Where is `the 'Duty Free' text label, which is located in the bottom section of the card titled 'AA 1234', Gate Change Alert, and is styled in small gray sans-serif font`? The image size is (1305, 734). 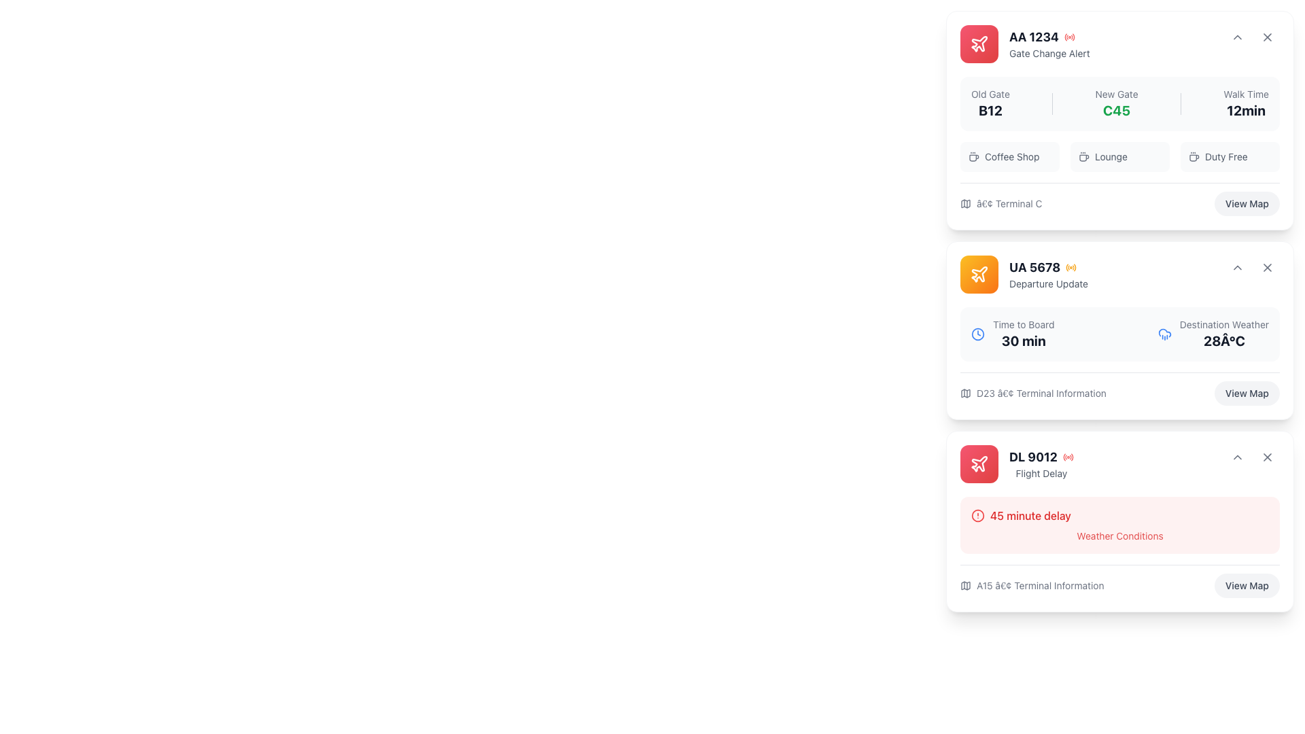
the 'Duty Free' text label, which is located in the bottom section of the card titled 'AA 1234', Gate Change Alert, and is styled in small gray sans-serif font is located at coordinates (1226, 156).